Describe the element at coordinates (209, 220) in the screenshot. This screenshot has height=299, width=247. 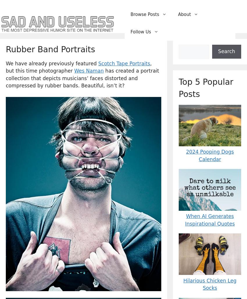
I see `'When AI Generates Inspirational Quotes'` at that location.